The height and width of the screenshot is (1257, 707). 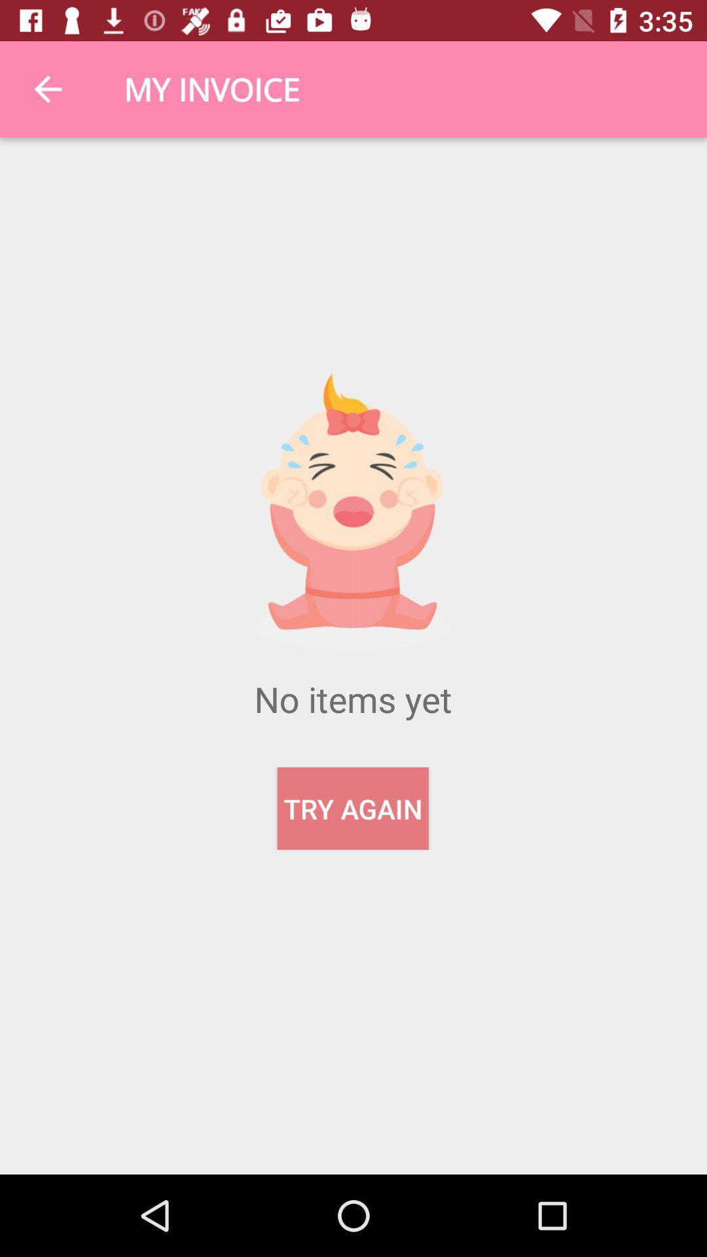 I want to click on the try again item, so click(x=352, y=808).